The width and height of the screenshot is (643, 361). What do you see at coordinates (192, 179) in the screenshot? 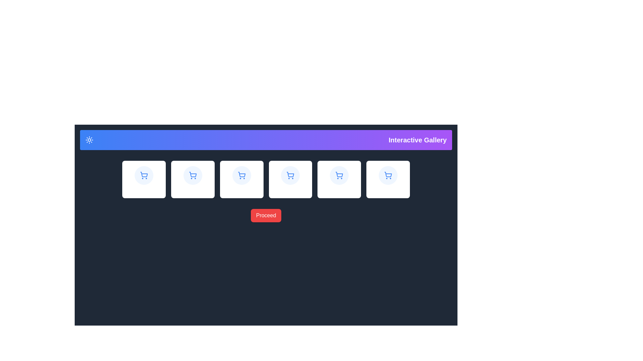
I see `the second square card with a shopping cart icon in the center for UI testing` at bounding box center [192, 179].